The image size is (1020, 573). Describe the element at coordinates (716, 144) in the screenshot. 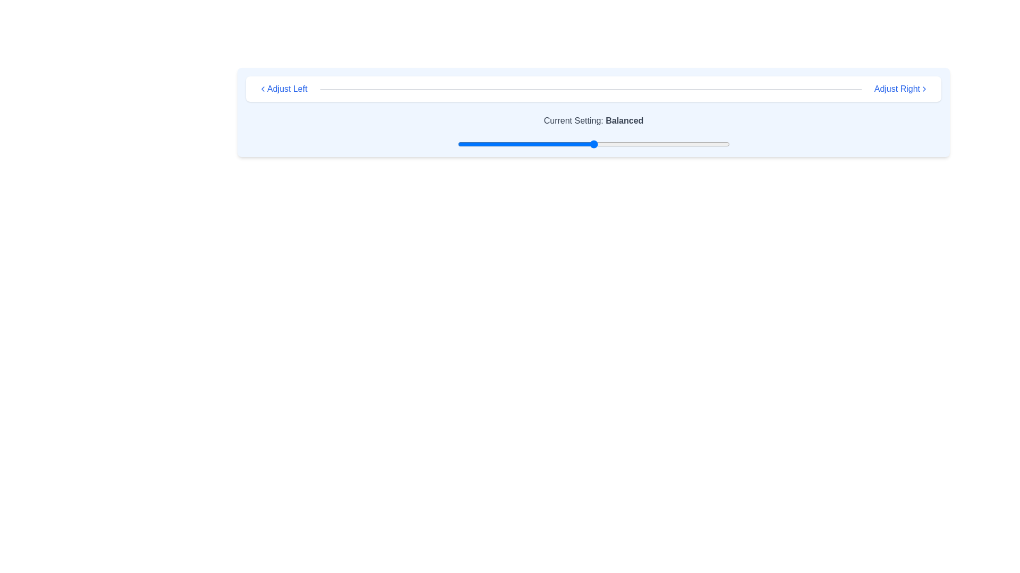

I see `the slider` at that location.